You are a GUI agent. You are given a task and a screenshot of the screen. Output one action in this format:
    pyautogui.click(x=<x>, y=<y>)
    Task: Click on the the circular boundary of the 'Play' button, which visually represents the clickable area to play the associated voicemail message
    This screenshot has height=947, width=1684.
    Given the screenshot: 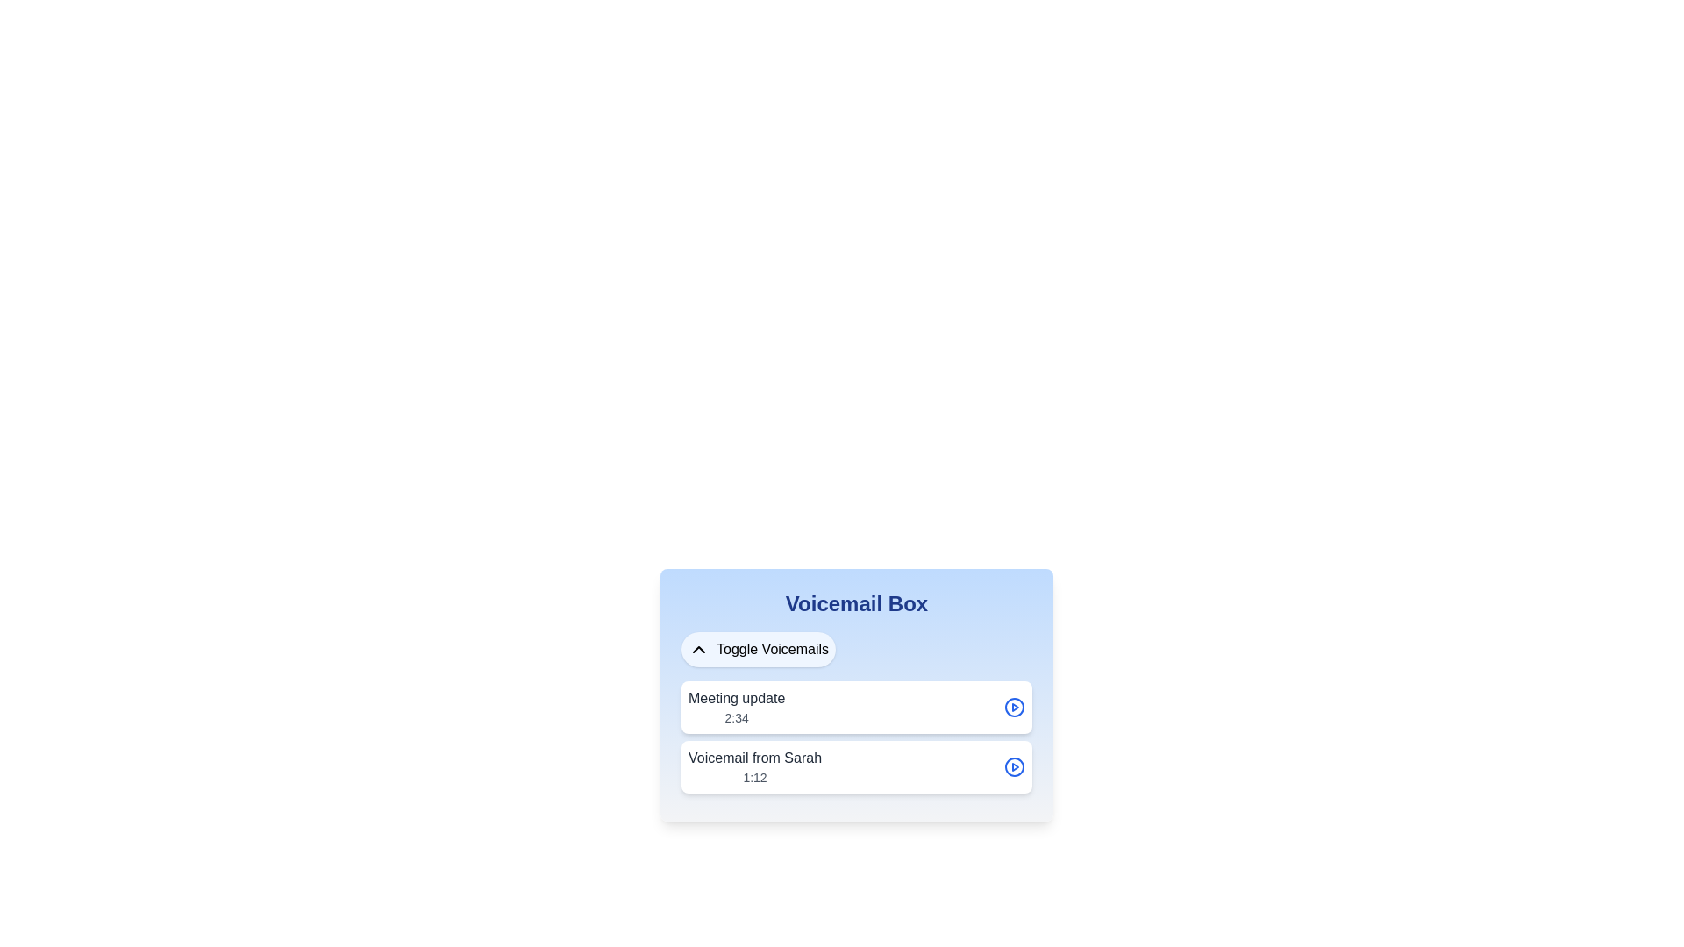 What is the action you would take?
    pyautogui.click(x=1014, y=766)
    